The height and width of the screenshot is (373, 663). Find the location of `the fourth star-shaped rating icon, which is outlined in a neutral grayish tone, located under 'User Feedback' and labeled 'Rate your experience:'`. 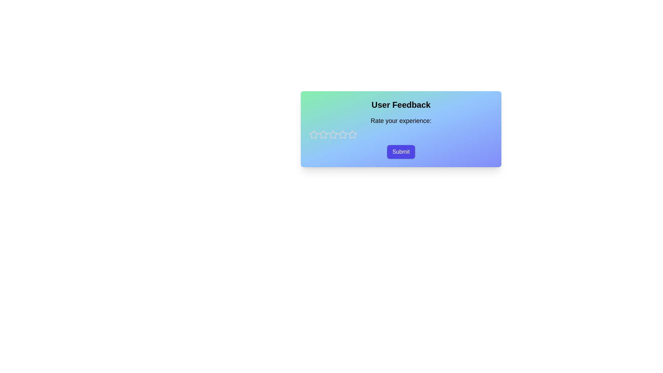

the fourth star-shaped rating icon, which is outlined in a neutral grayish tone, located under 'User Feedback' and labeled 'Rate your experience:' is located at coordinates (353, 134).